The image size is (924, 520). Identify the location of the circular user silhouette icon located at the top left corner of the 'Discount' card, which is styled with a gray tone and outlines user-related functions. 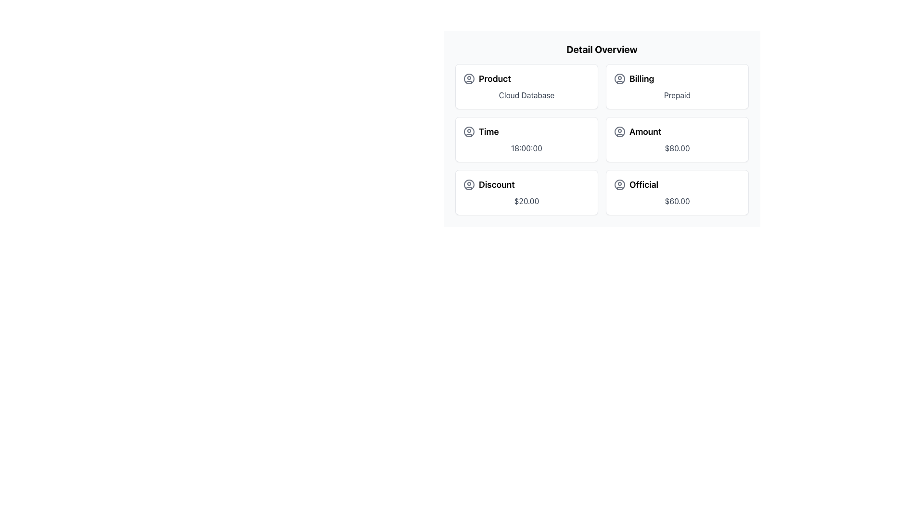
(469, 185).